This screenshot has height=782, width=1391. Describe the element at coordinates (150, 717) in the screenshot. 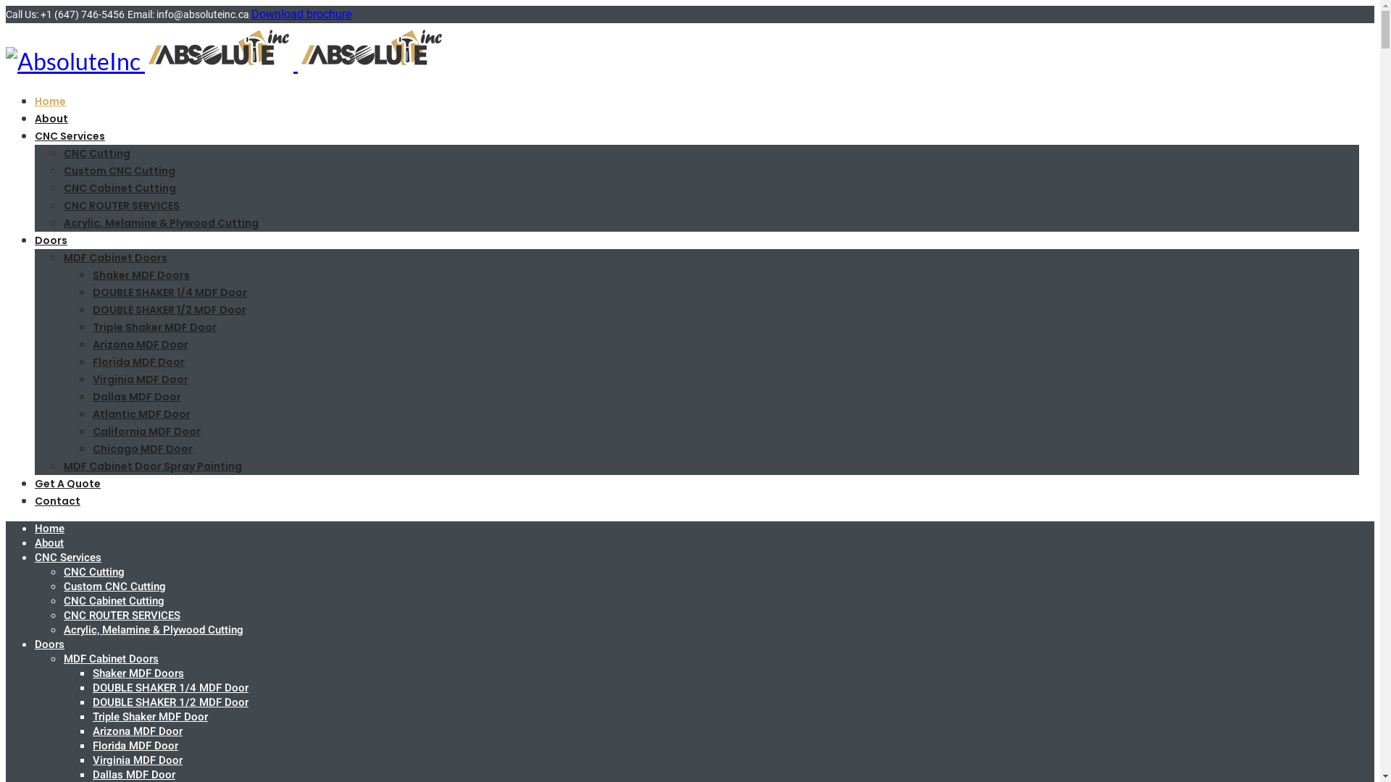

I see `'Triple Shaker MDF Door'` at that location.